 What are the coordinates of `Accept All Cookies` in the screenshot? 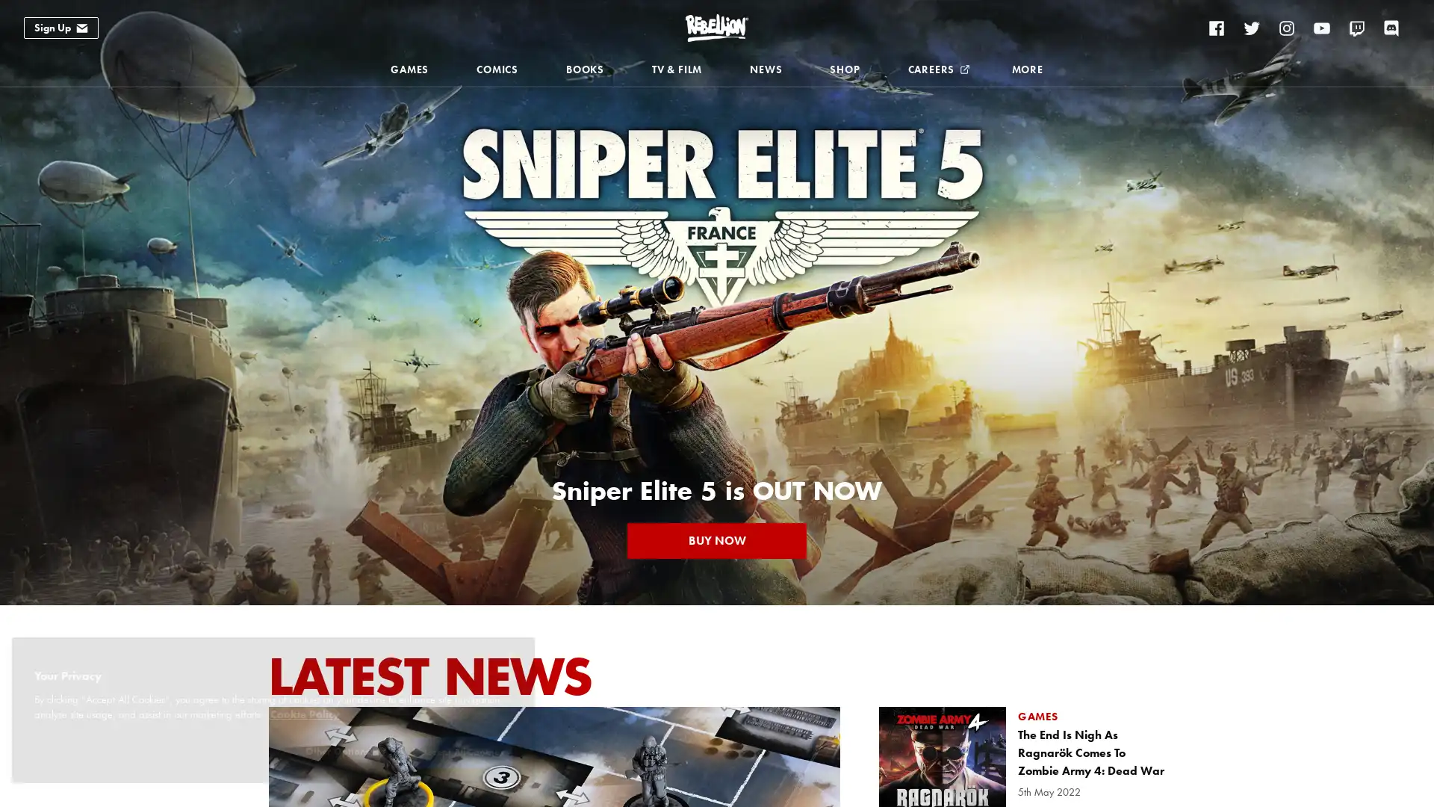 It's located at (462, 752).